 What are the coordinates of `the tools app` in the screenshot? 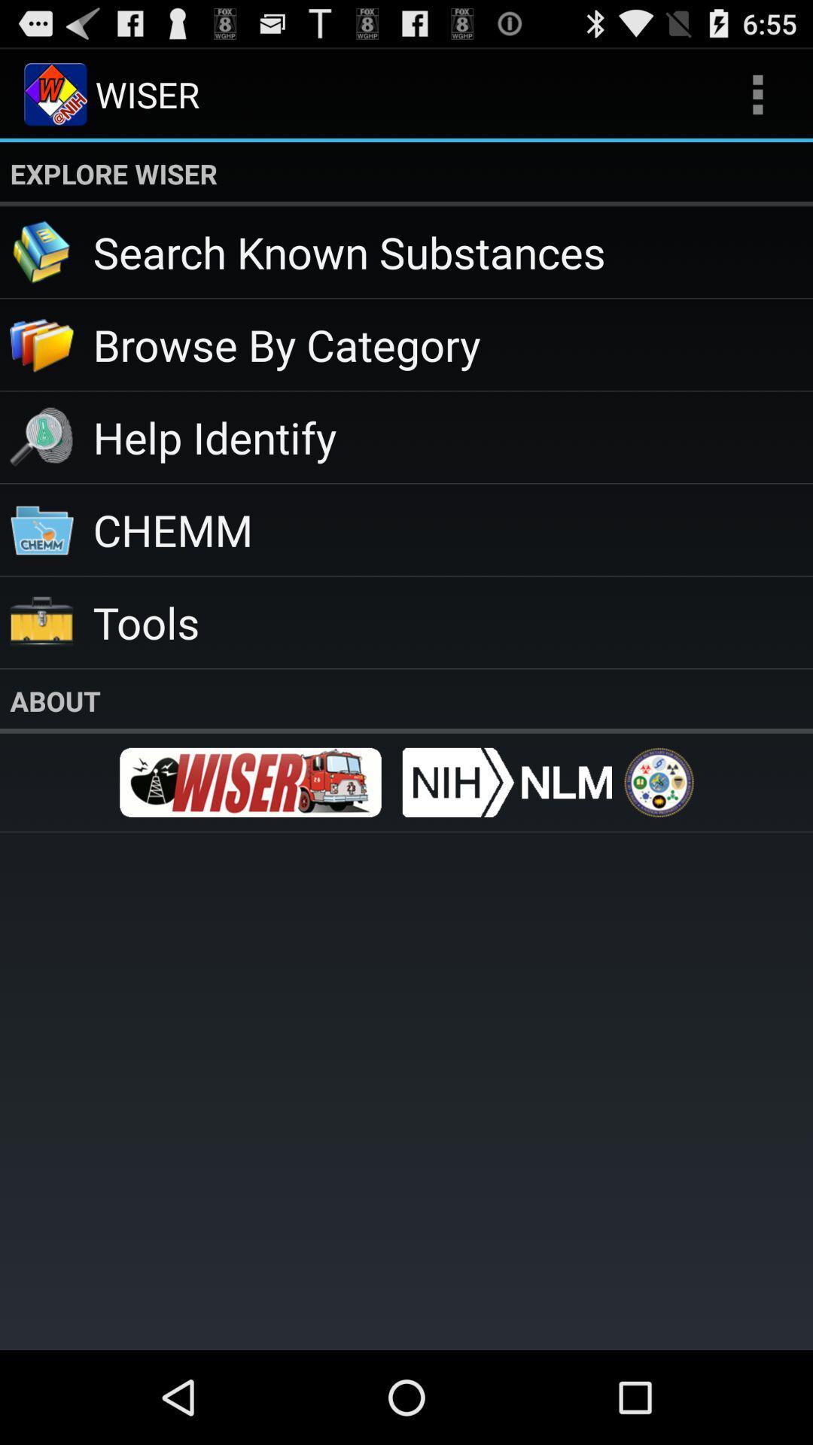 It's located at (452, 622).